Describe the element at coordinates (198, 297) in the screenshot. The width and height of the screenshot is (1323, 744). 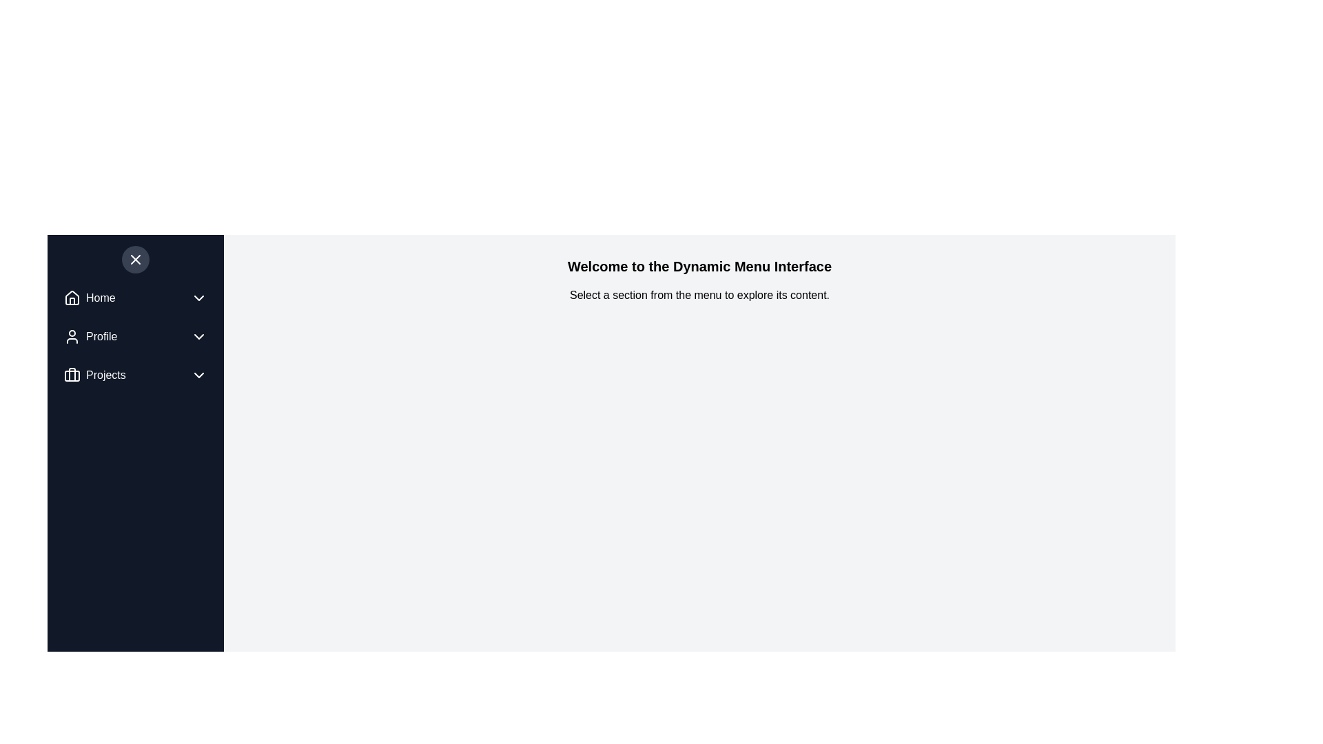
I see `the dropdown toggle icon to the right of the 'Home' menu item` at that location.